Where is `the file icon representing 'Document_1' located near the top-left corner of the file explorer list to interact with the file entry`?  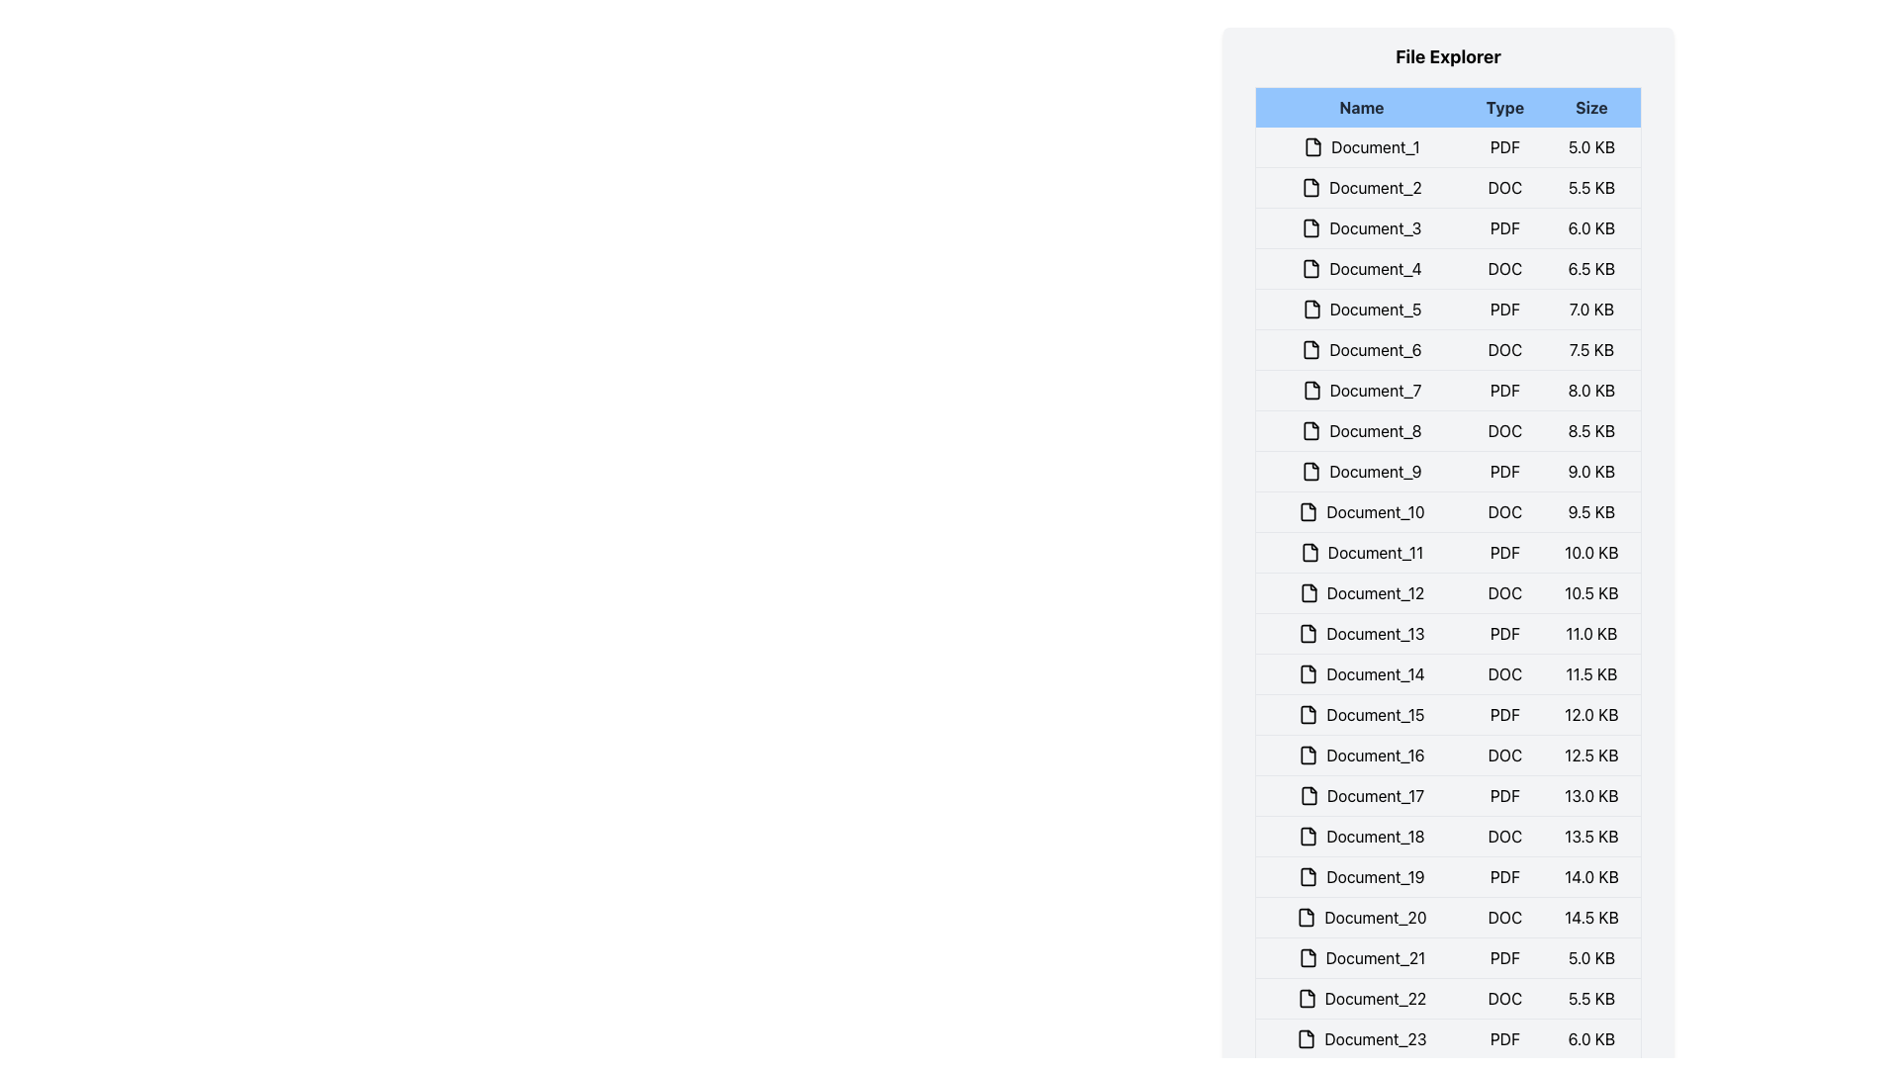 the file icon representing 'Document_1' located near the top-left corner of the file explorer list to interact with the file entry is located at coordinates (1313, 146).